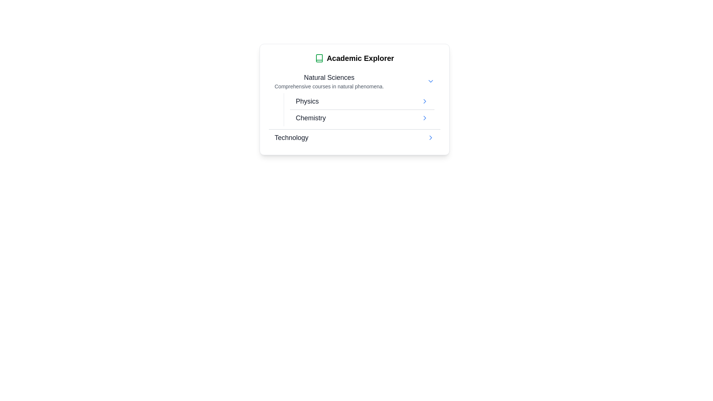  What do you see at coordinates (424, 101) in the screenshot?
I see `the small graphical arrow pointing to the right, located next to the 'Physics' label in the 'Natural Sciences' section under the 'Academic Explorer' card` at bounding box center [424, 101].